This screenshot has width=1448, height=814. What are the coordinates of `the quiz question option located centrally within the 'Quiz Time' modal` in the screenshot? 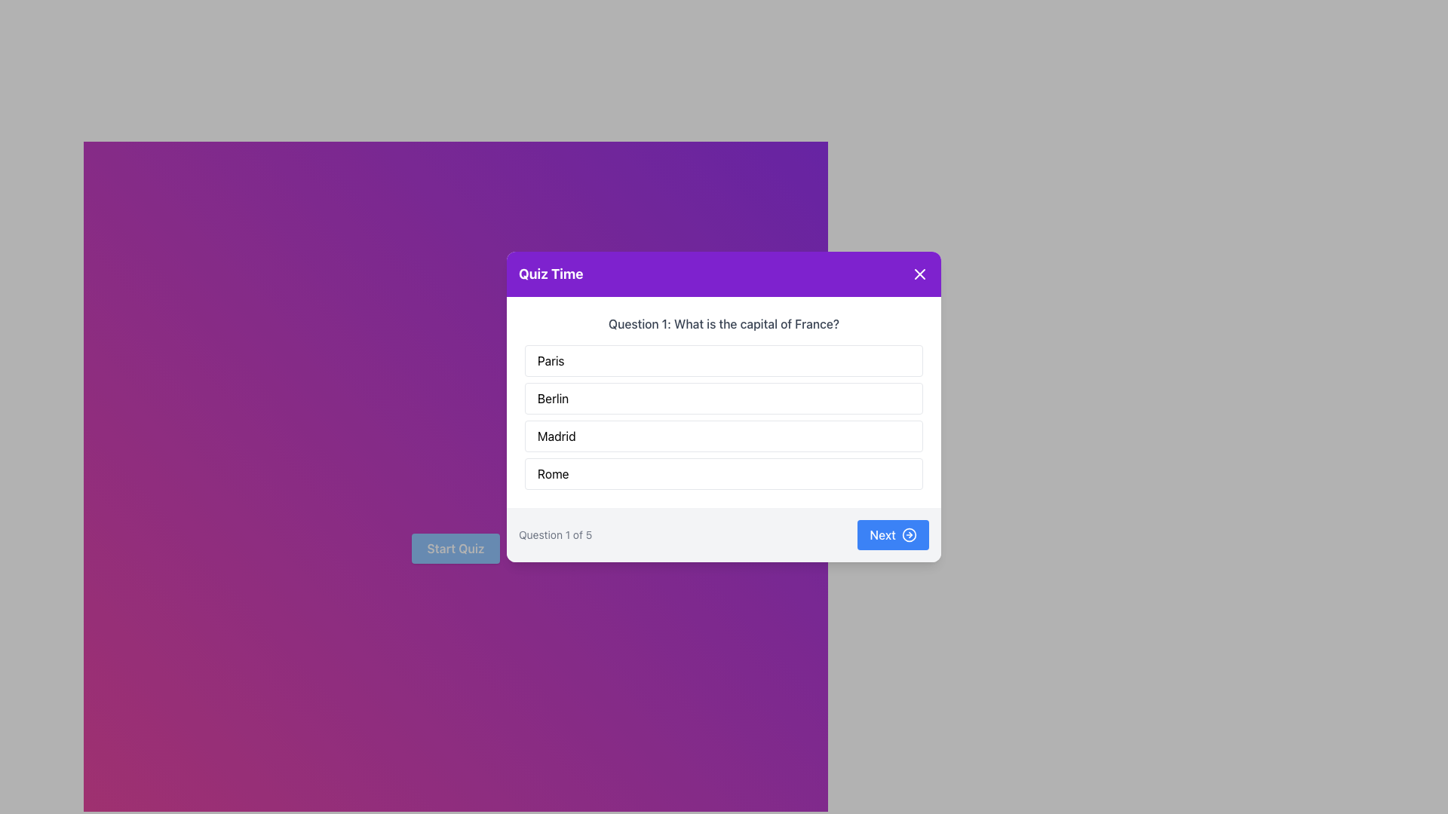 It's located at (724, 401).